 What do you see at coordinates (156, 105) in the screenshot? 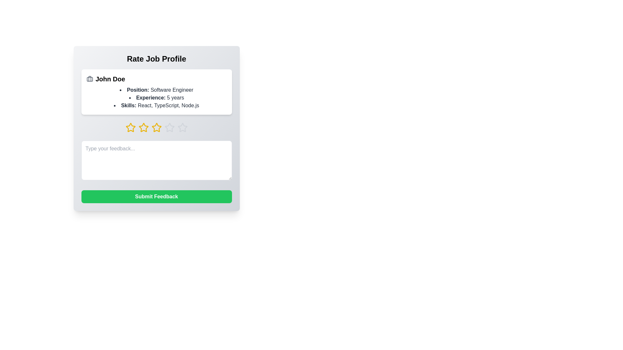
I see `the 'Skills:' text display element that lists programming languages including 'React, TypeScript, Node.js', which is the third entry in the professional information section` at bounding box center [156, 105].